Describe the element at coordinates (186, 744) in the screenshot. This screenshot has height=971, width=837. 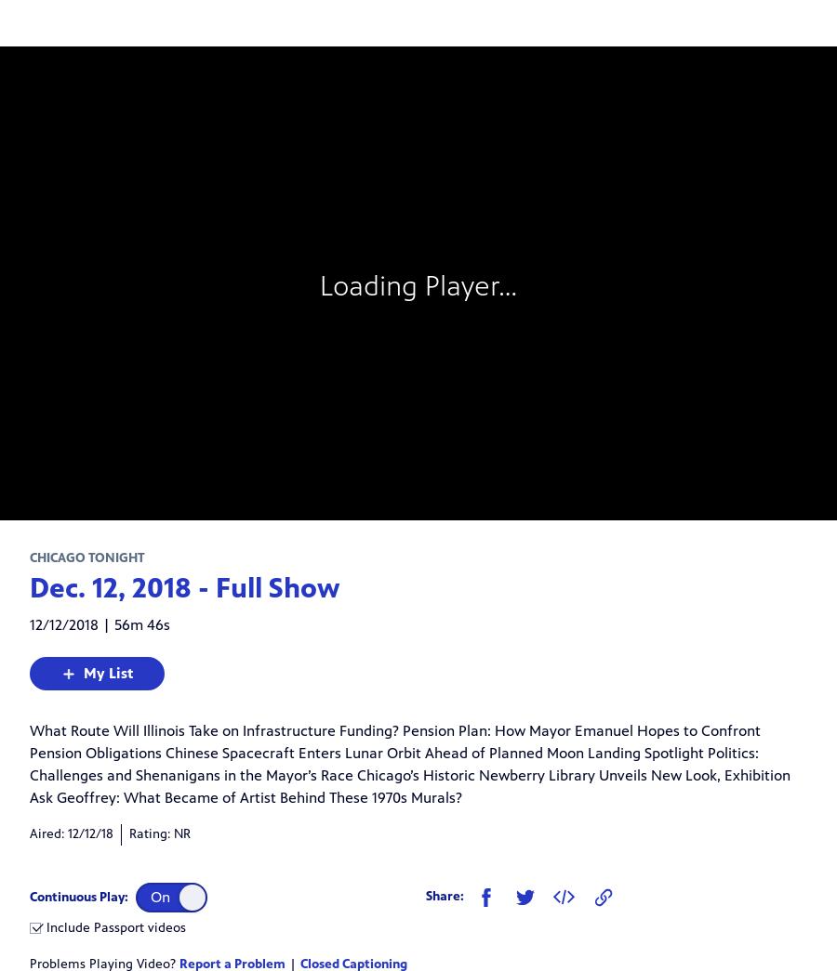
I see `'More News and Public Affairs Shows'` at that location.